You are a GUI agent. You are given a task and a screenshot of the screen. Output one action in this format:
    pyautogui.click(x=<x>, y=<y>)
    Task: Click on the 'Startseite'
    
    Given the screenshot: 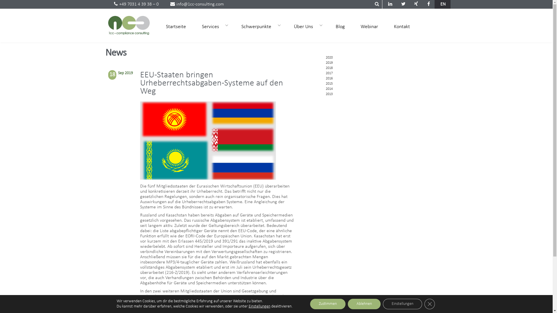 What is the action you would take?
    pyautogui.click(x=176, y=26)
    